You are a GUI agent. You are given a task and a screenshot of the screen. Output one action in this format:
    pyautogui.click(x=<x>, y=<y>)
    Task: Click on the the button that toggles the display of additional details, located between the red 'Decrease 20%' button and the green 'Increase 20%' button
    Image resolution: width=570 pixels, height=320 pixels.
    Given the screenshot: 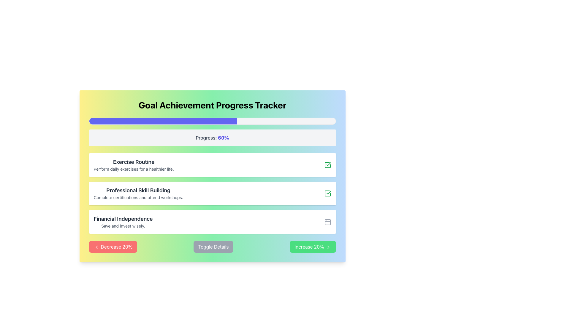 What is the action you would take?
    pyautogui.click(x=213, y=247)
    